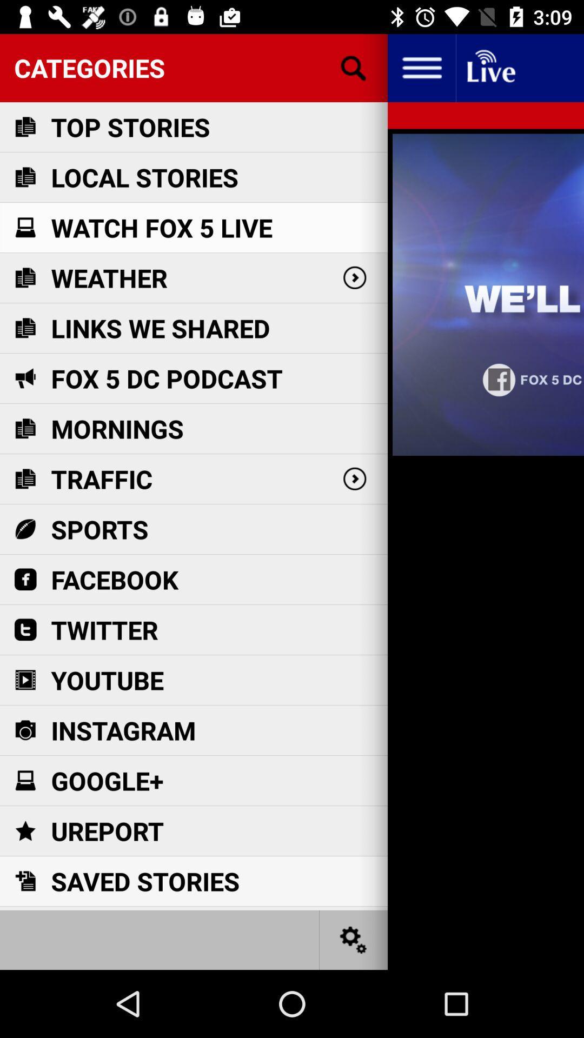 The width and height of the screenshot is (584, 1038). I want to click on the item below google+ icon, so click(107, 830).